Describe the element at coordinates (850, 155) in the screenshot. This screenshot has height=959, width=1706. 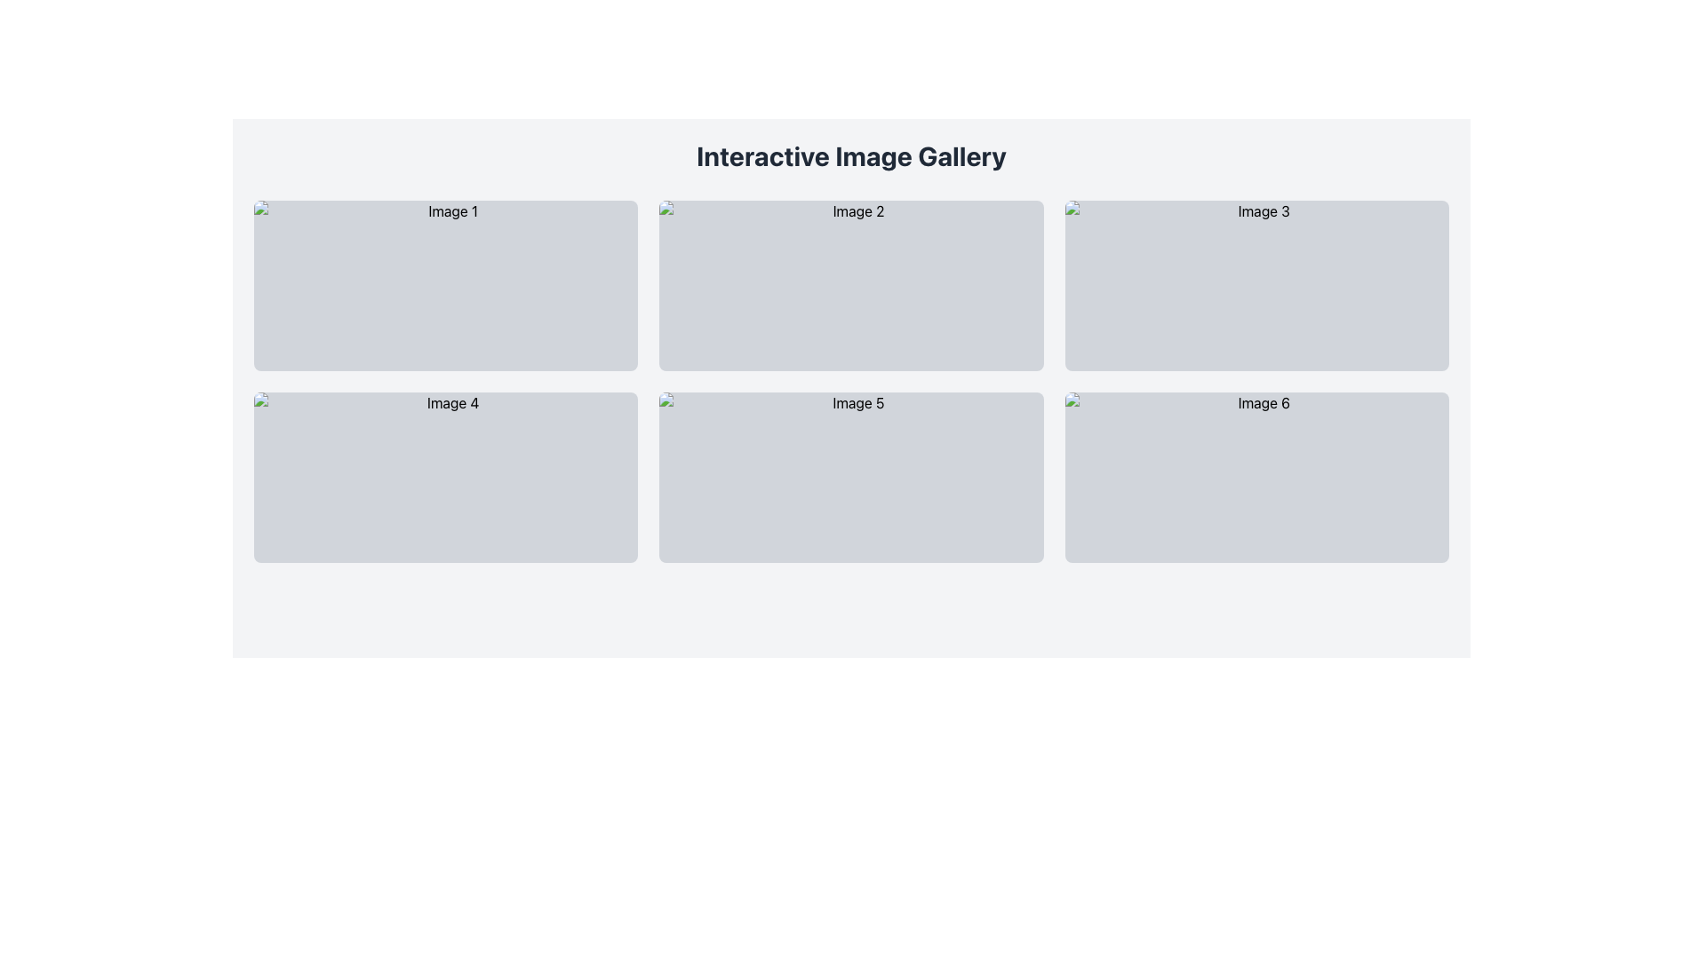
I see `title text 'Interactive Image Gallery' displayed in a bold and large font size at the top of the interface` at that location.